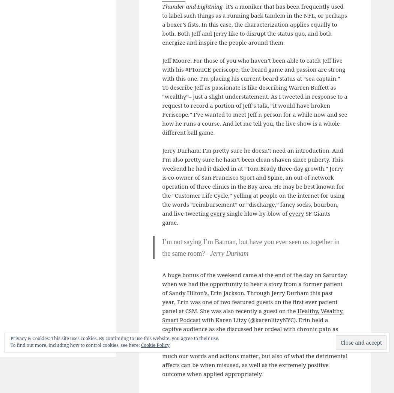 This screenshot has height=393, width=394. What do you see at coordinates (255, 346) in the screenshot?
I see `'with Karen Litzy (@karenlitzyNYC). Erin held a captive audience as she discussed her ordeal with chronic pain as well as the lengths she had to go through navigating the U,S. healthcare system.  It was a powerful reminder of not only how much our words and actions matter, but also of what the detrimental affects can be when misused, as well as the extremely positive outcome when applied appropriately.'` at bounding box center [255, 346].